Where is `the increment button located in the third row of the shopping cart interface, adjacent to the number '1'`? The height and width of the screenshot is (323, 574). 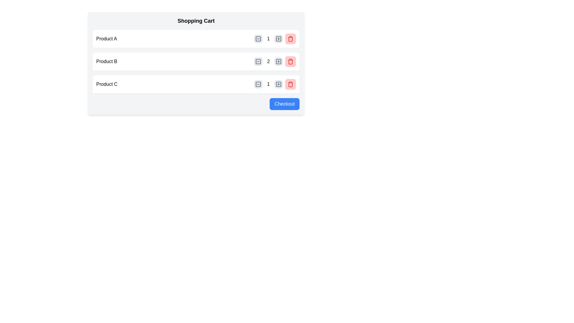
the increment button located in the third row of the shopping cart interface, adjacent to the number '1' is located at coordinates (278, 84).